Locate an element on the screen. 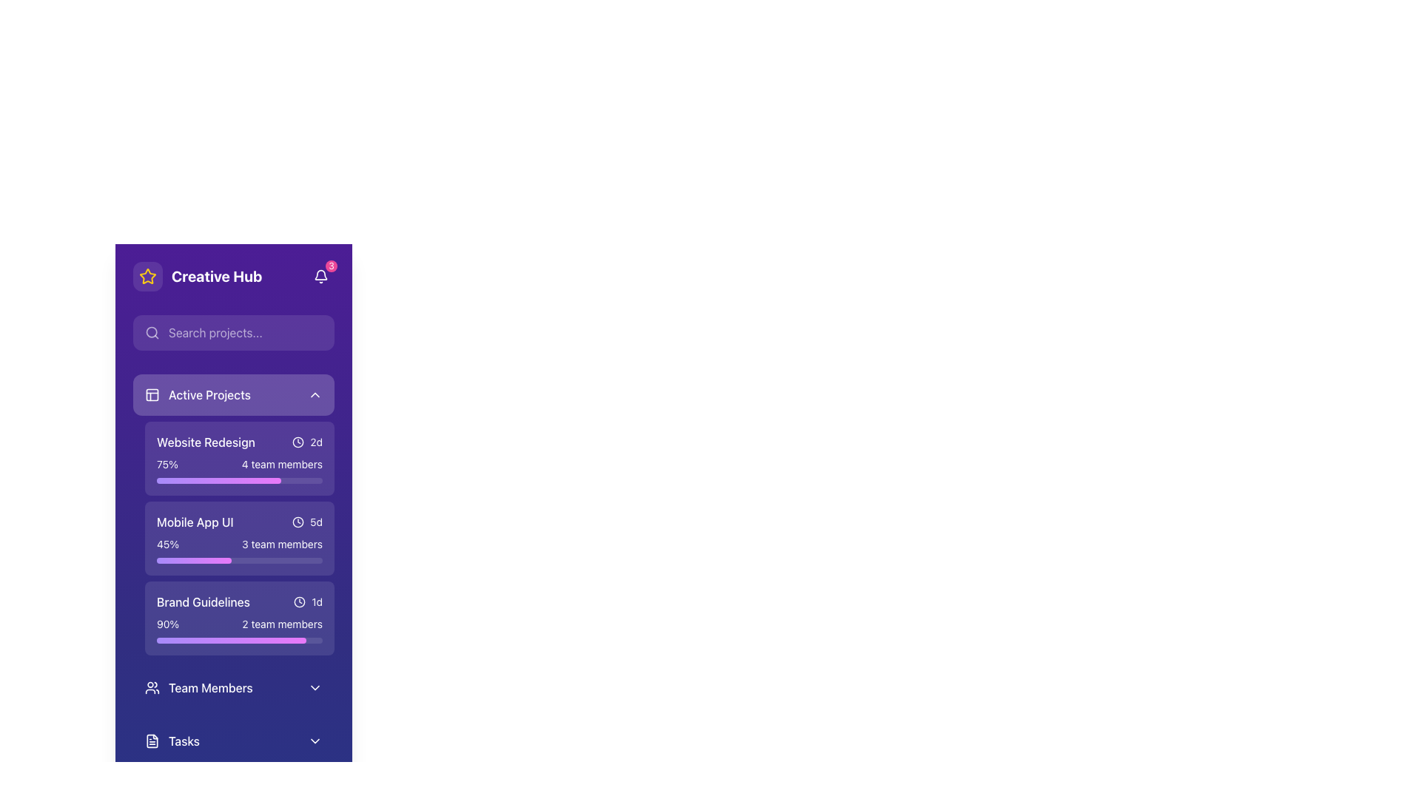 The image size is (1421, 799). the project name is located at coordinates (240, 521).